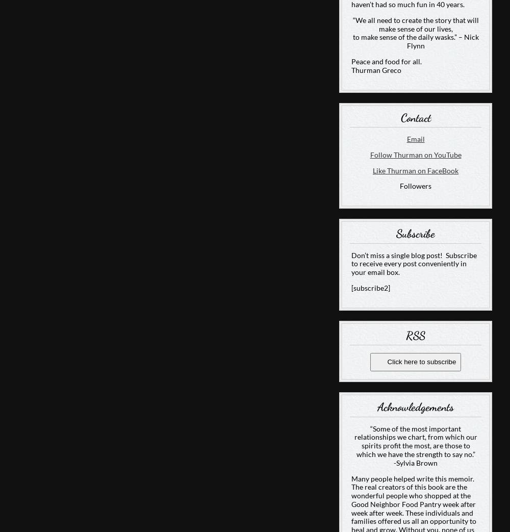  Describe the element at coordinates (370, 287) in the screenshot. I see `'[subscribe2]'` at that location.